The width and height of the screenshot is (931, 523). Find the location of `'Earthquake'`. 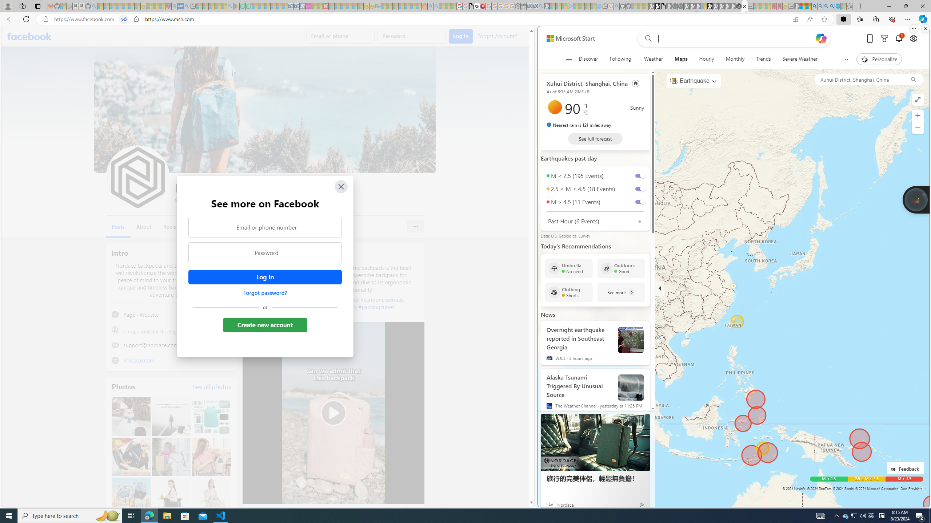

'Earthquake' is located at coordinates (694, 81).